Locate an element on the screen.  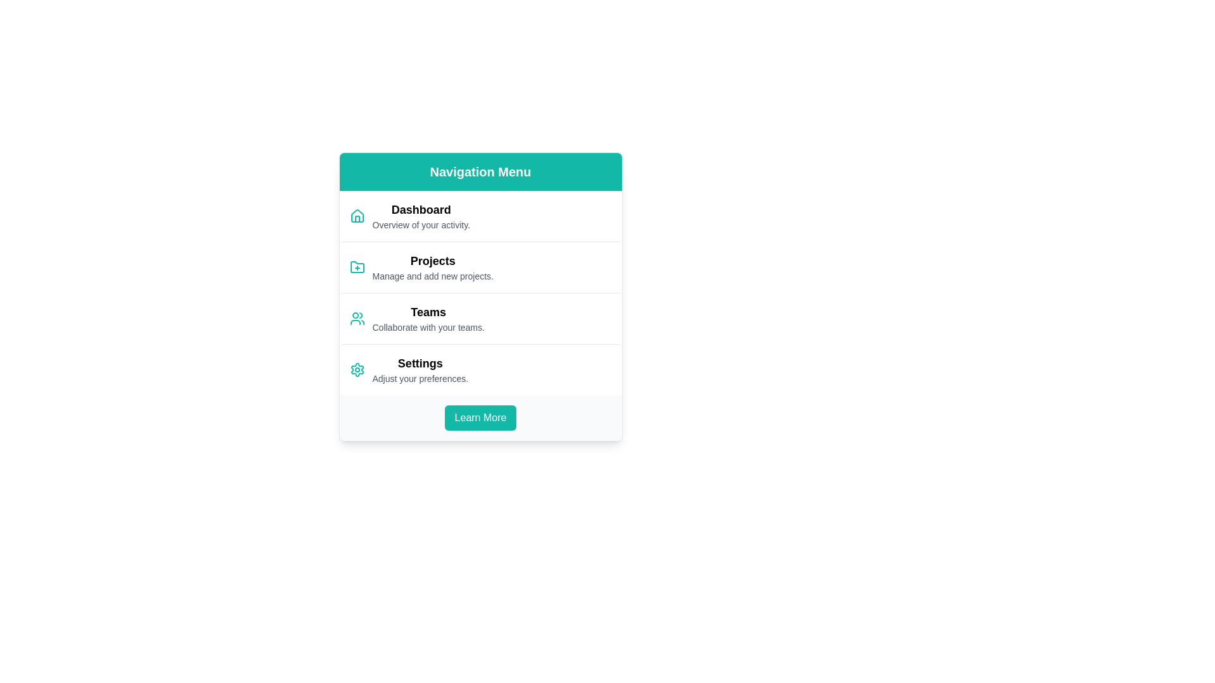
the bottom portion of the house icon is located at coordinates (356, 215).